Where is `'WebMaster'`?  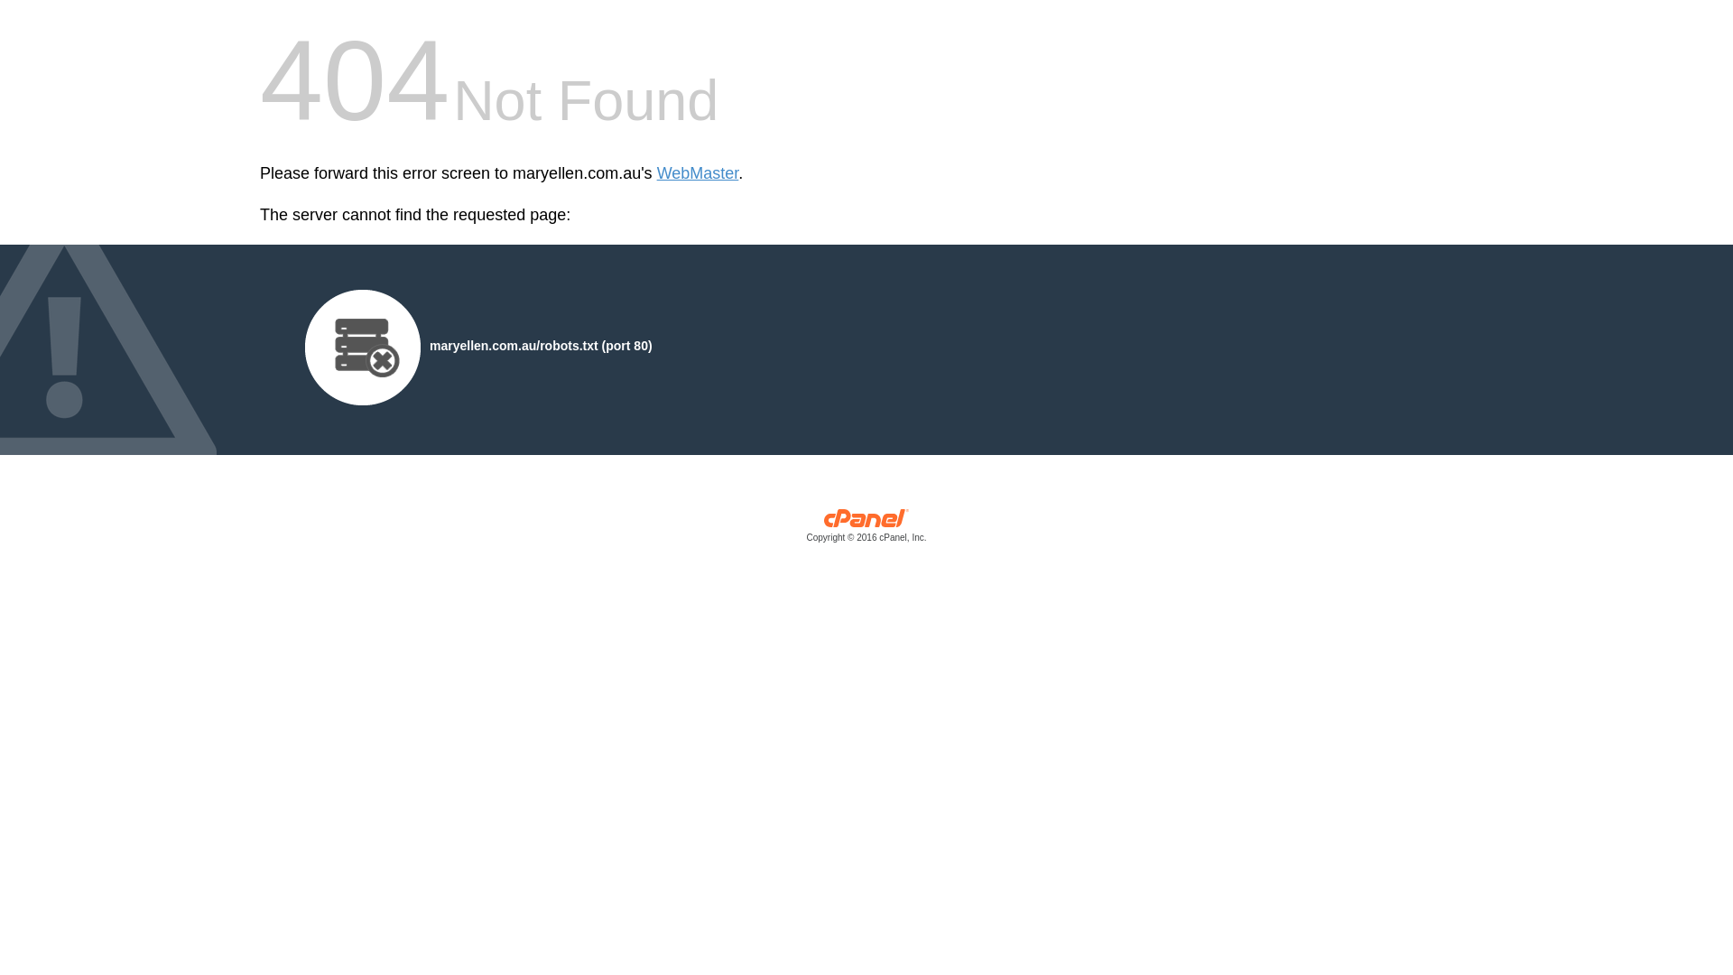 'WebMaster' is located at coordinates (697, 173).